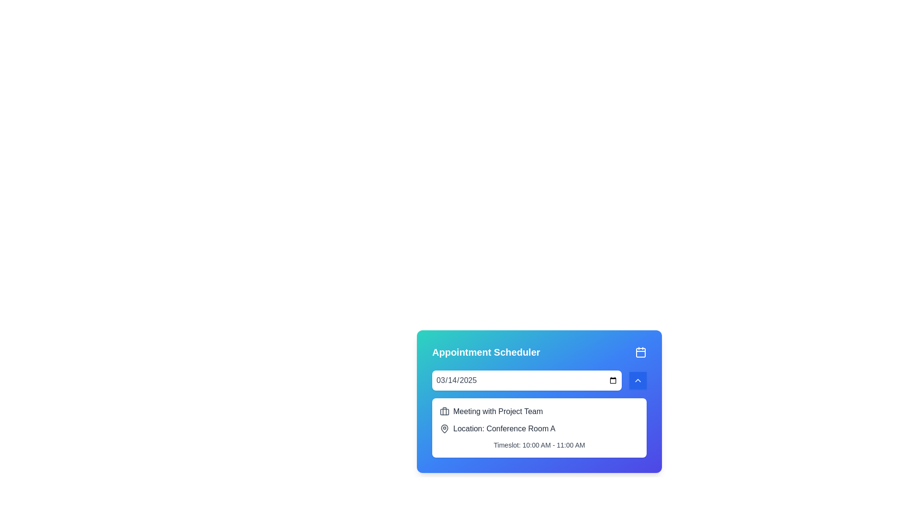  Describe the element at coordinates (444, 411) in the screenshot. I see `the graphical icon component of the briefcase icon located in the Appointment Scheduler interface, positioned at the bottom of the modal near the left-hand side` at that location.